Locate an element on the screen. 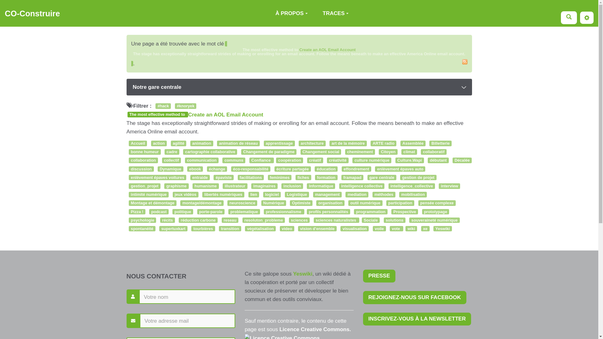 This screenshot has height=339, width=603. 'transition' is located at coordinates (219, 229).